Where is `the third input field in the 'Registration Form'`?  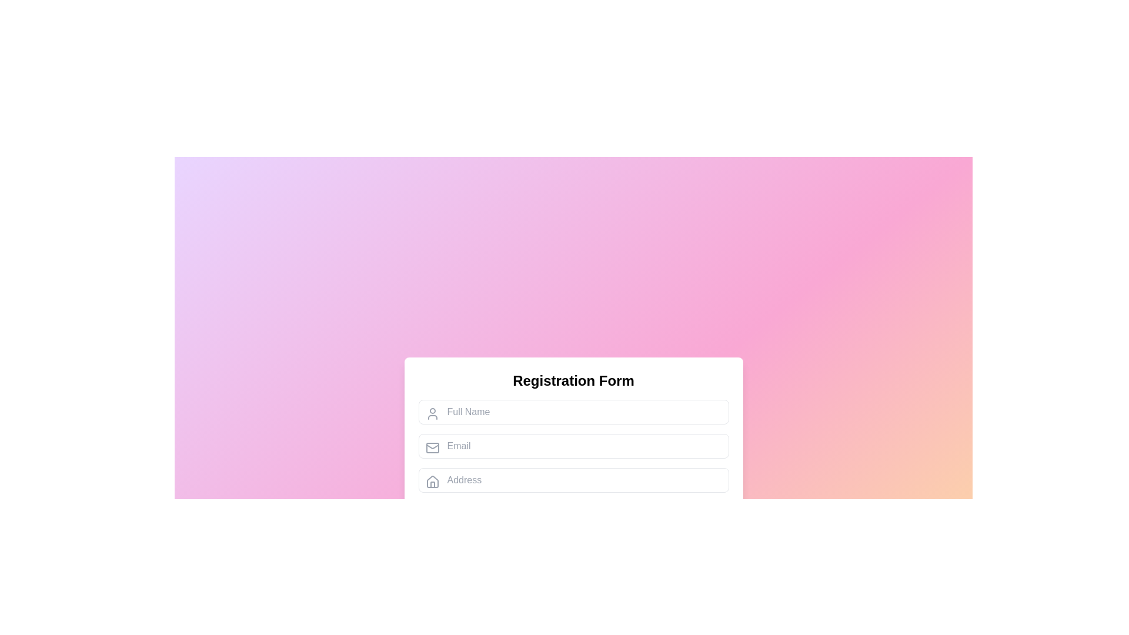
the third input field in the 'Registration Form' is located at coordinates (573, 473).